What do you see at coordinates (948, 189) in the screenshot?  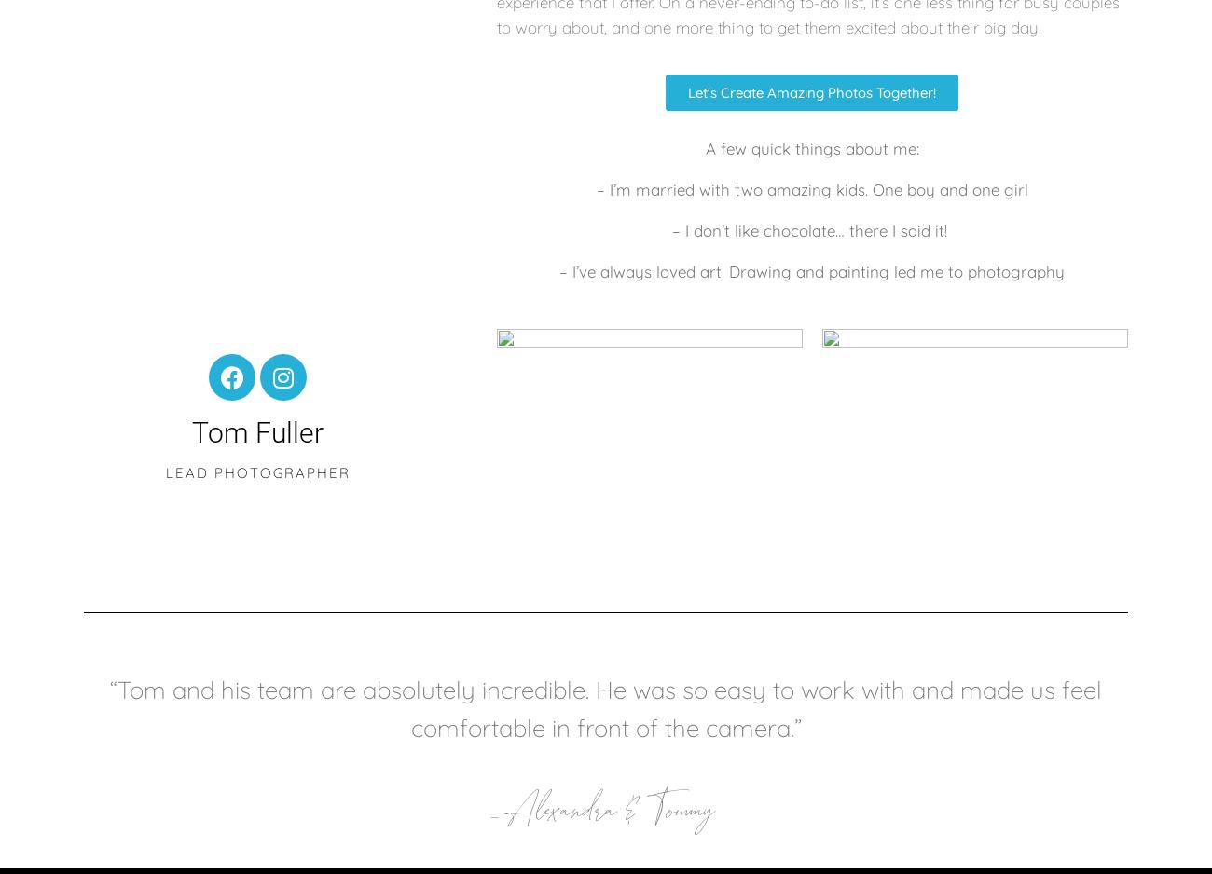 I see `'One boy and one girl'` at bounding box center [948, 189].